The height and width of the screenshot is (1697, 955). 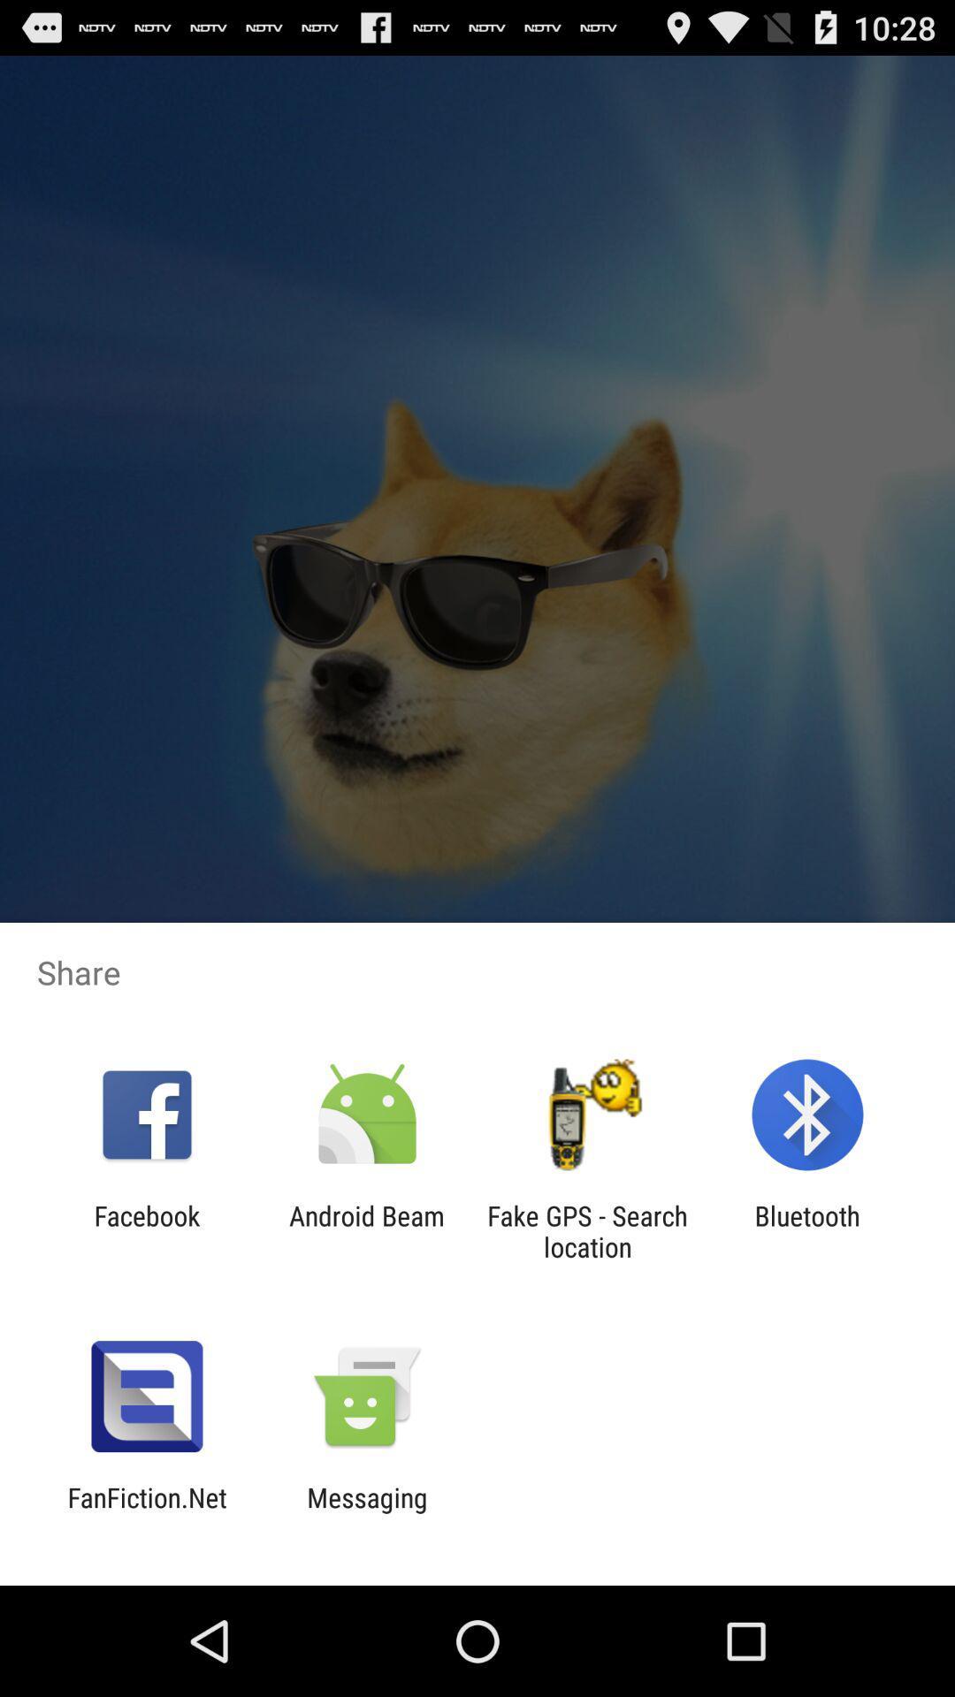 I want to click on the item to the left of fake gps search item, so click(x=366, y=1230).